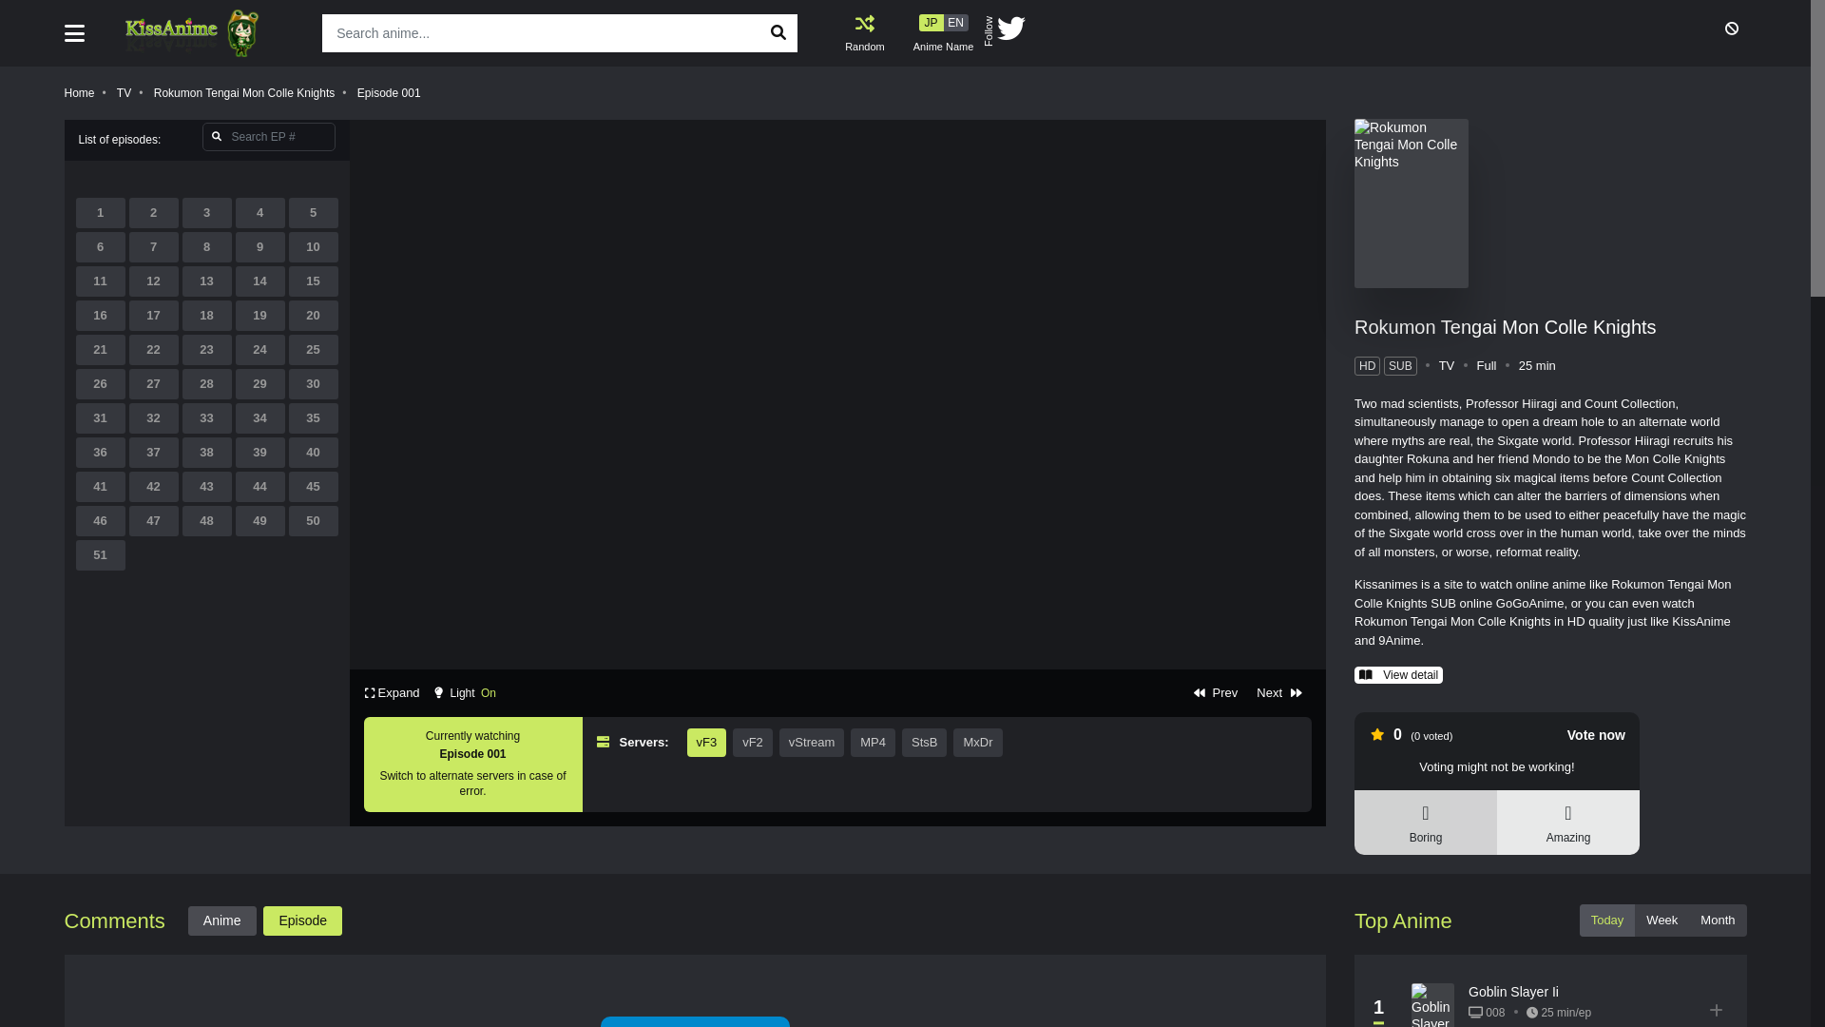 The image size is (1825, 1027). What do you see at coordinates (972, 33) in the screenshot?
I see `'Follow'` at bounding box center [972, 33].